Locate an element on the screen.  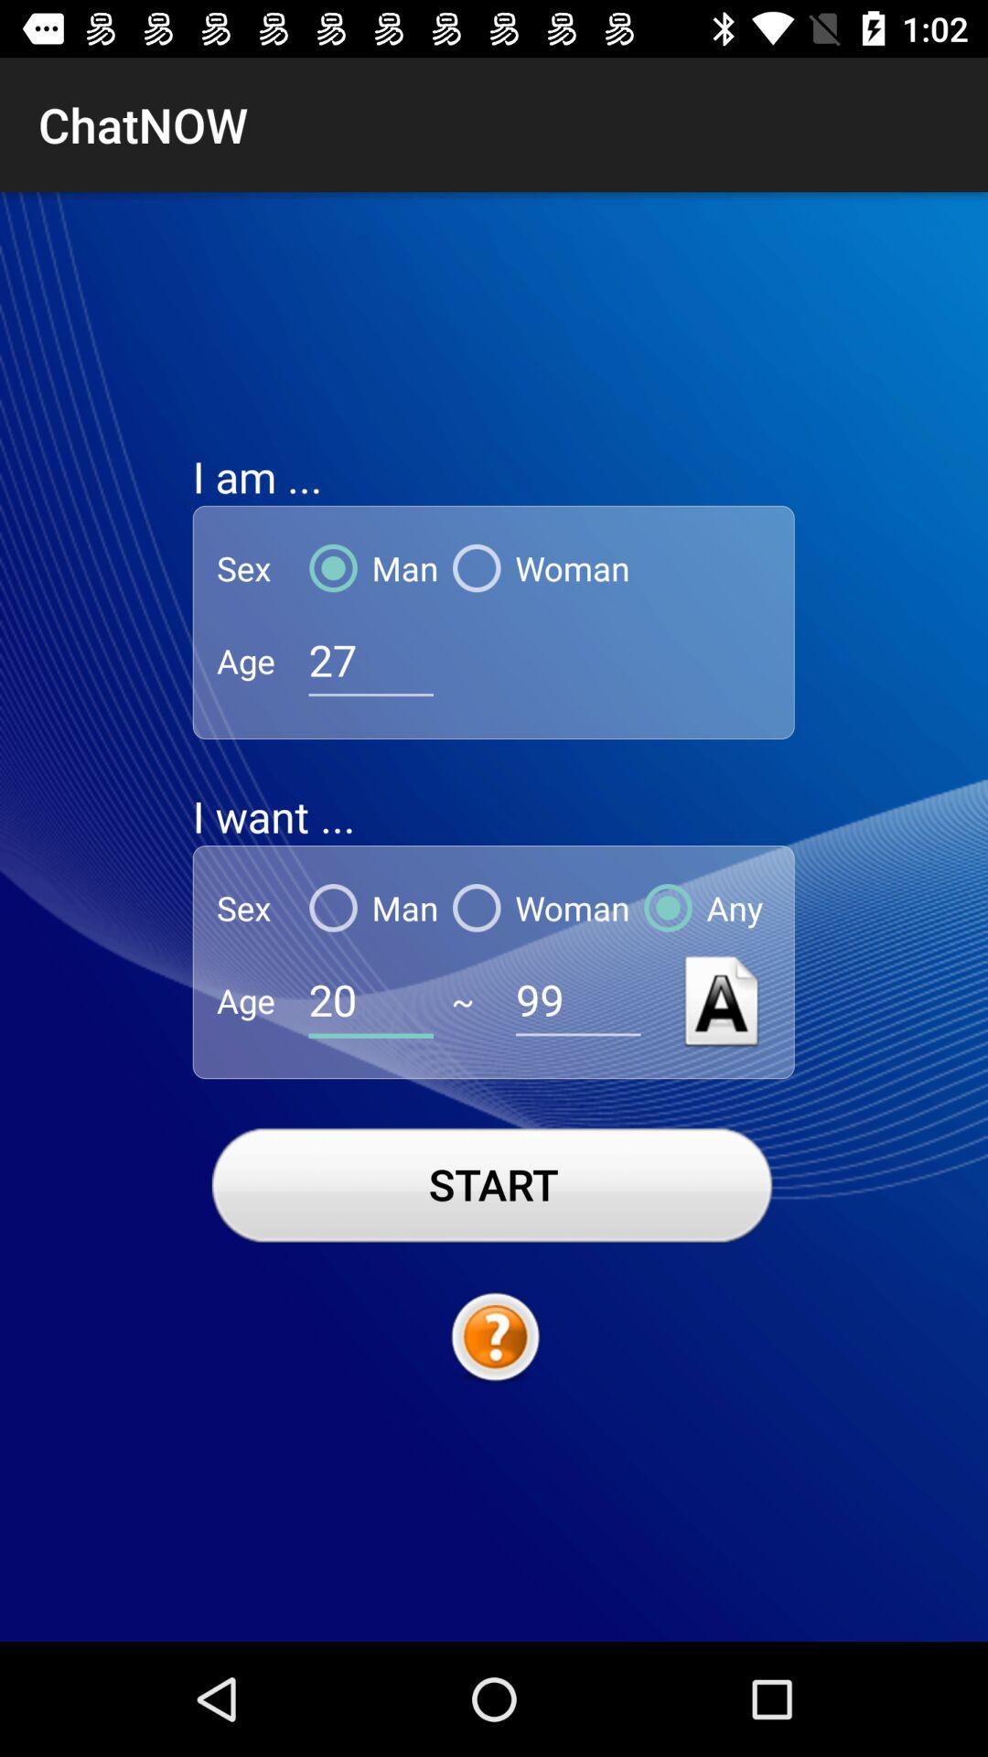
the font icon is located at coordinates (721, 999).